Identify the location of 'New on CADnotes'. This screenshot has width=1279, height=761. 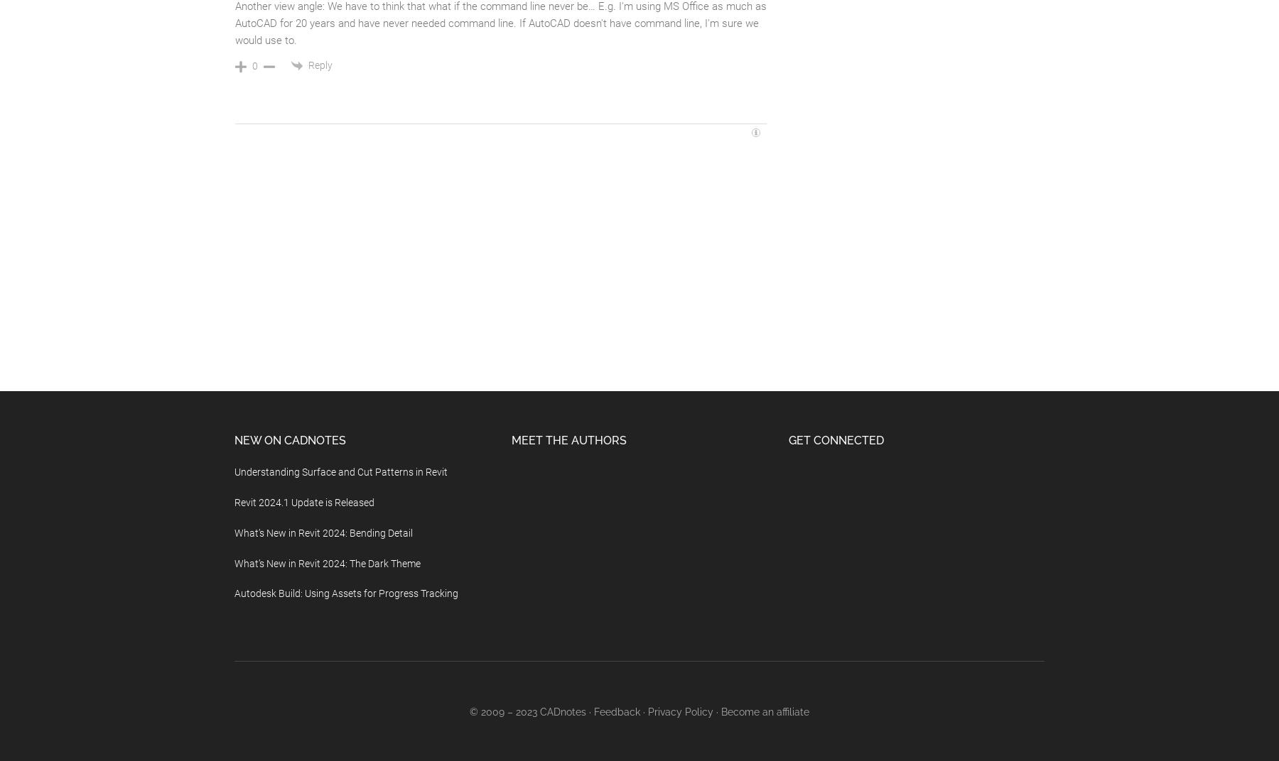
(233, 440).